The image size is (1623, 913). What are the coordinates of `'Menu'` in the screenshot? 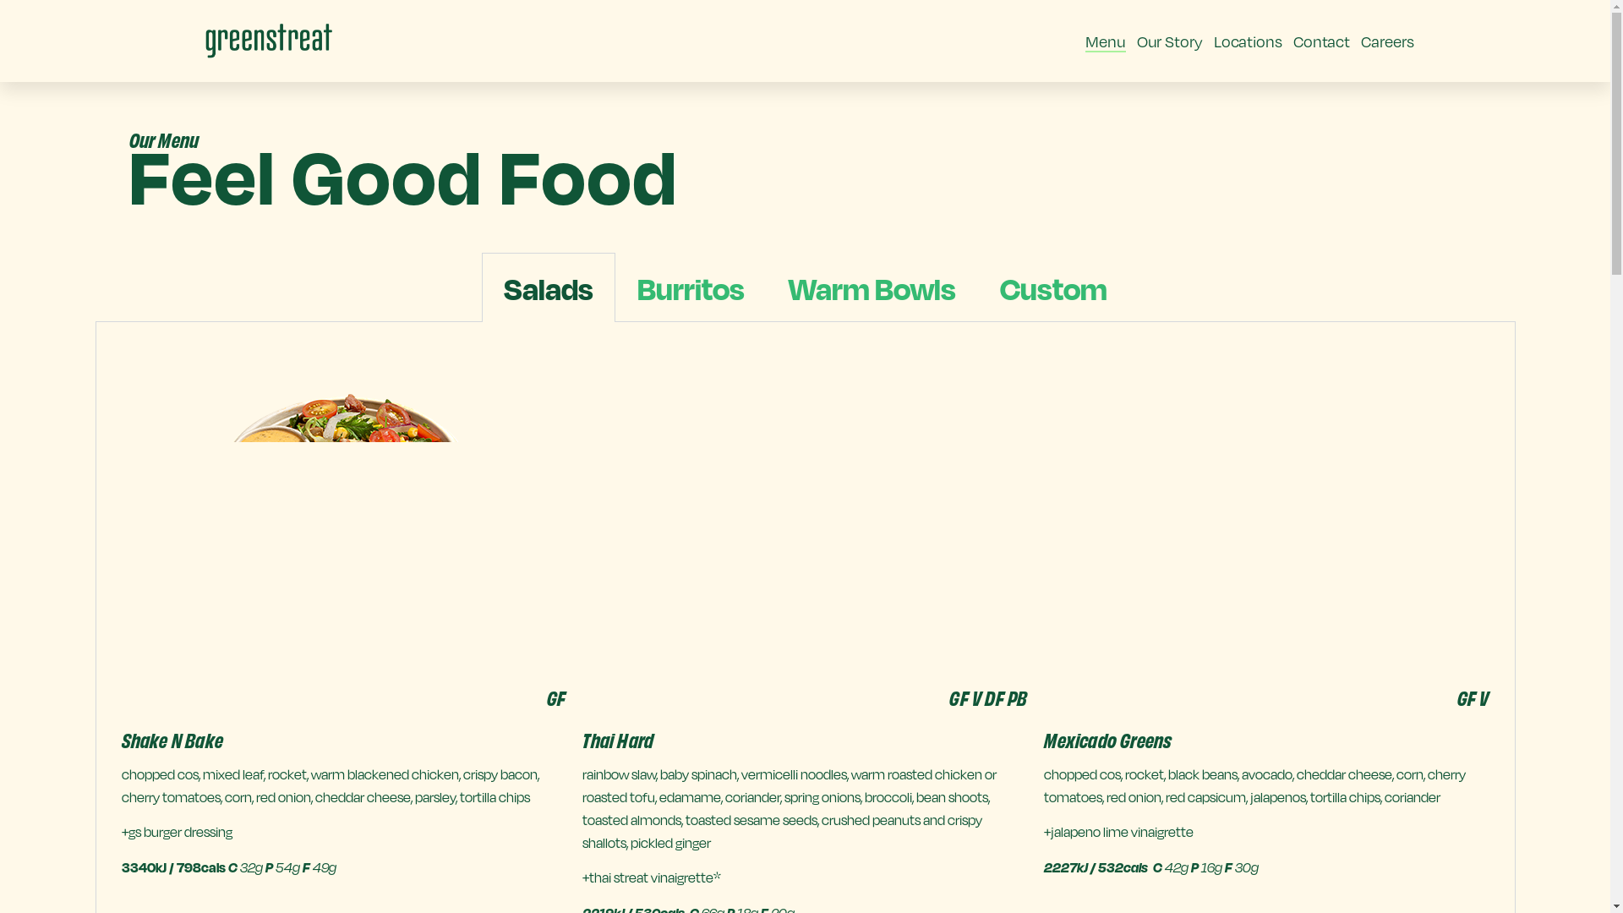 It's located at (1105, 41).